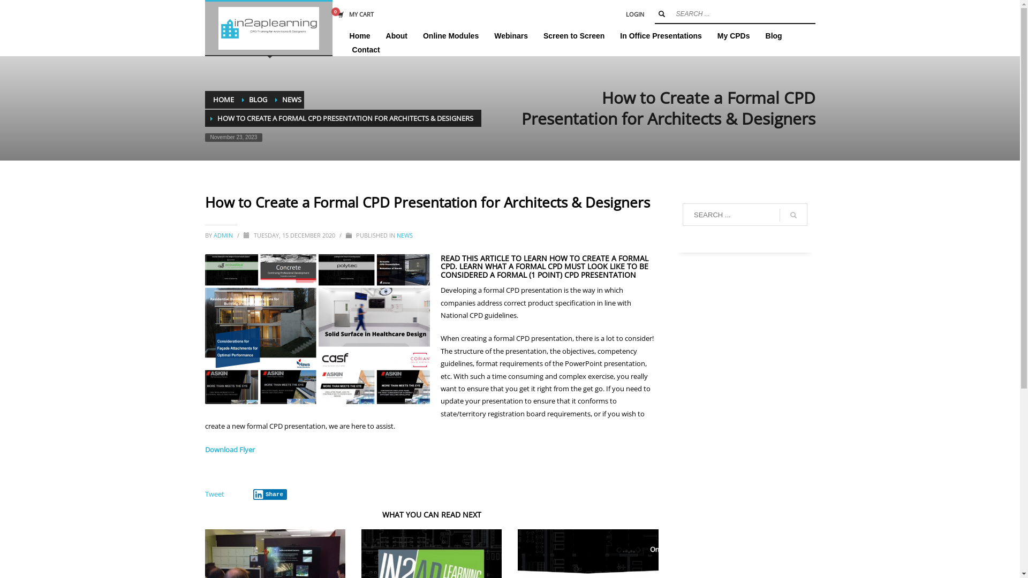  I want to click on 'Share', so click(270, 495).